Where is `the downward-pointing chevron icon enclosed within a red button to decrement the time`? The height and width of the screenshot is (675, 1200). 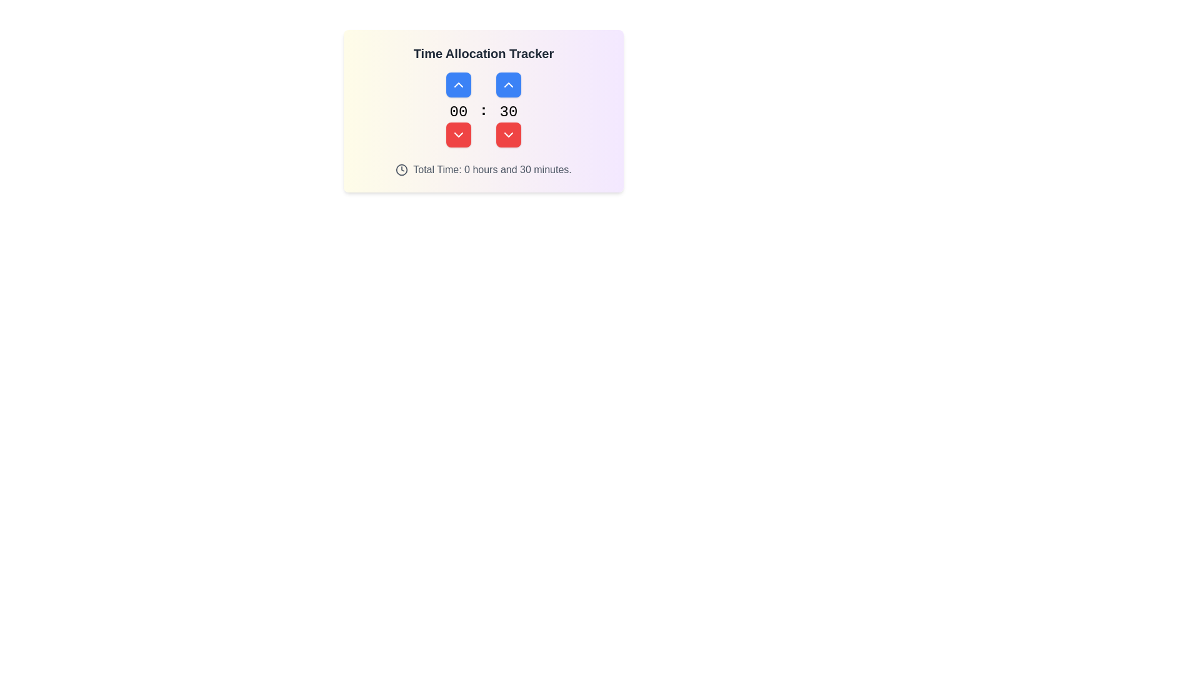 the downward-pointing chevron icon enclosed within a red button to decrement the time is located at coordinates (458, 135).